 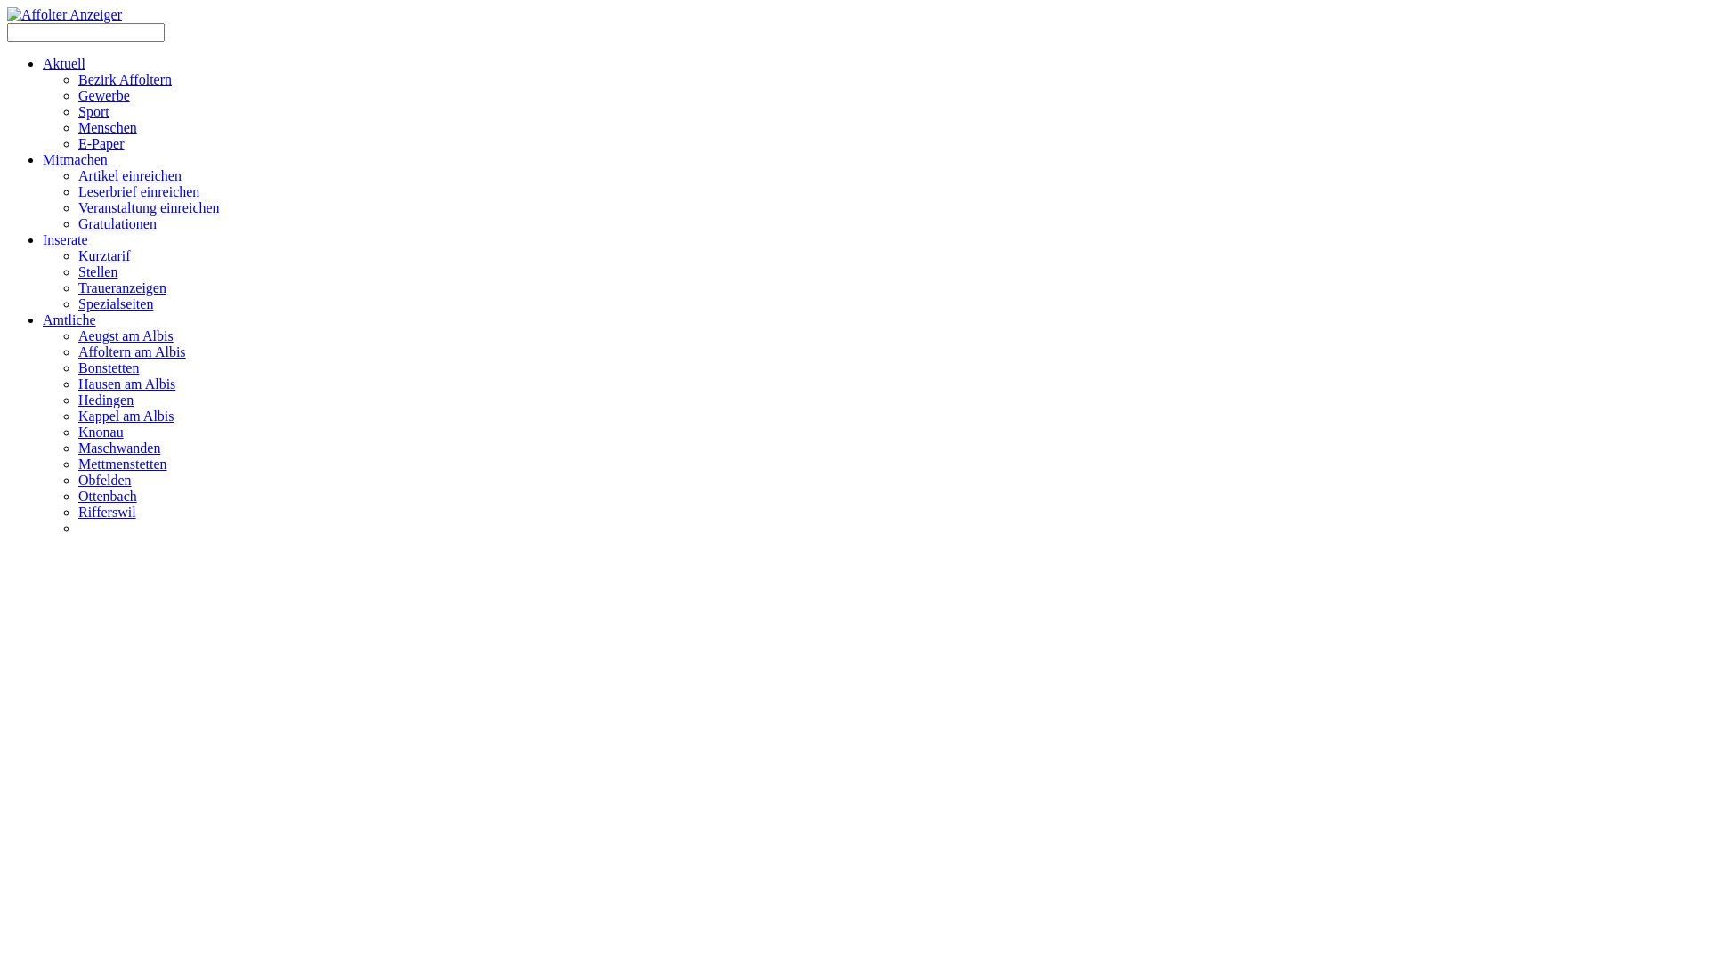 I want to click on 'Mitmachen', so click(x=74, y=158).